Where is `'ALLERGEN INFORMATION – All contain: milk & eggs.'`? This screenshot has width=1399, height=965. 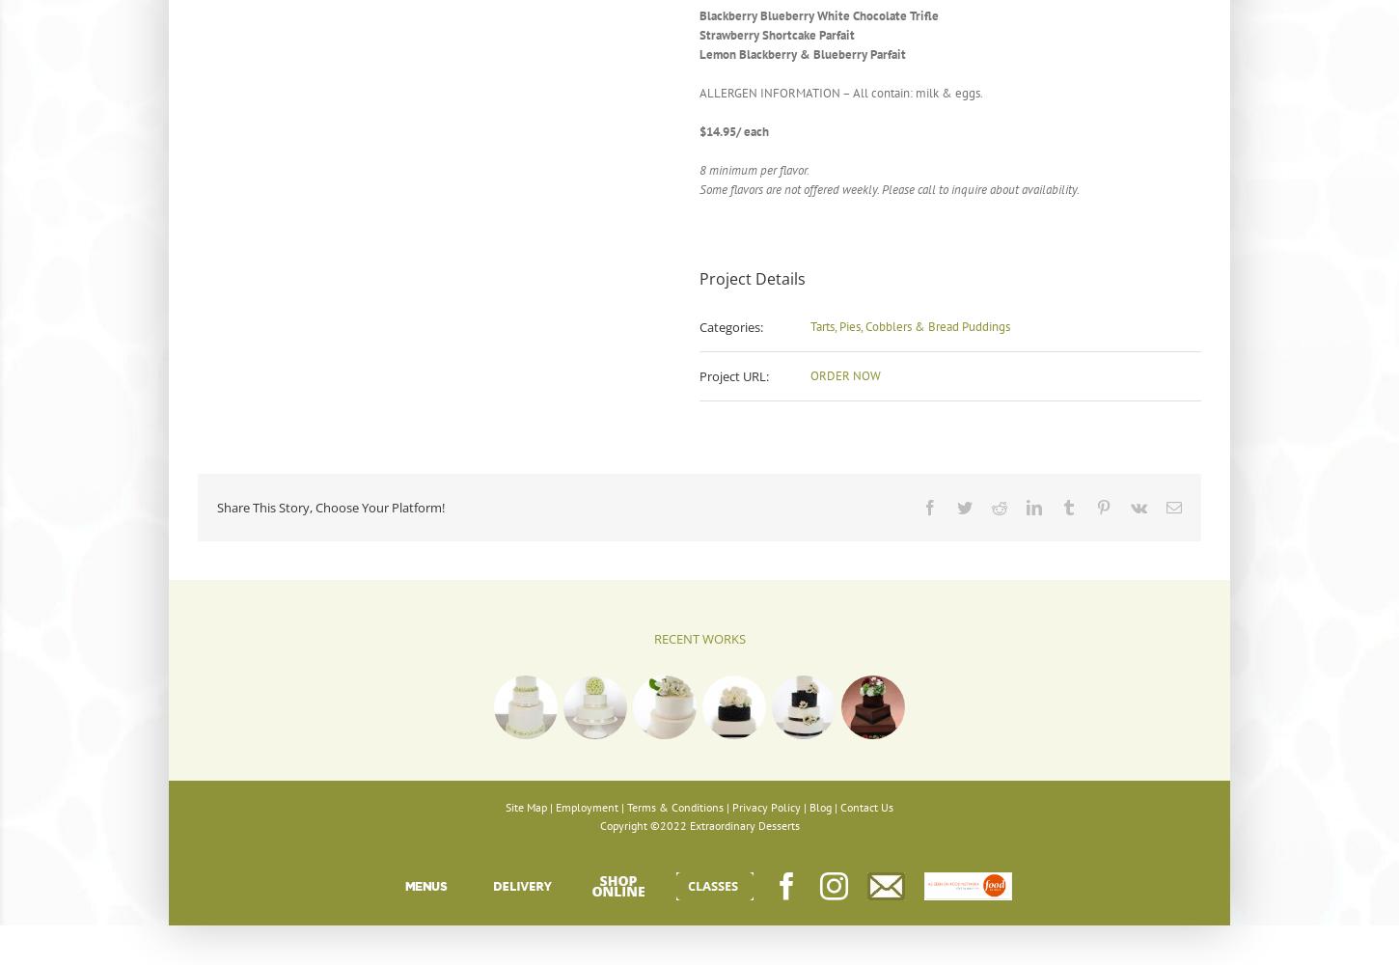 'ALLERGEN INFORMATION – All contain: milk & eggs.' is located at coordinates (840, 92).